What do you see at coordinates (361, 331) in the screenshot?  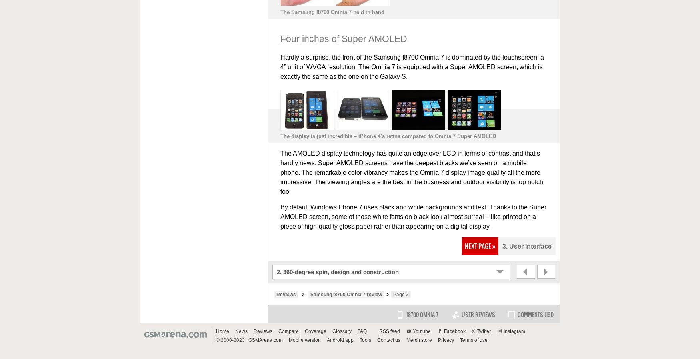 I see `'FAQ'` at bounding box center [361, 331].